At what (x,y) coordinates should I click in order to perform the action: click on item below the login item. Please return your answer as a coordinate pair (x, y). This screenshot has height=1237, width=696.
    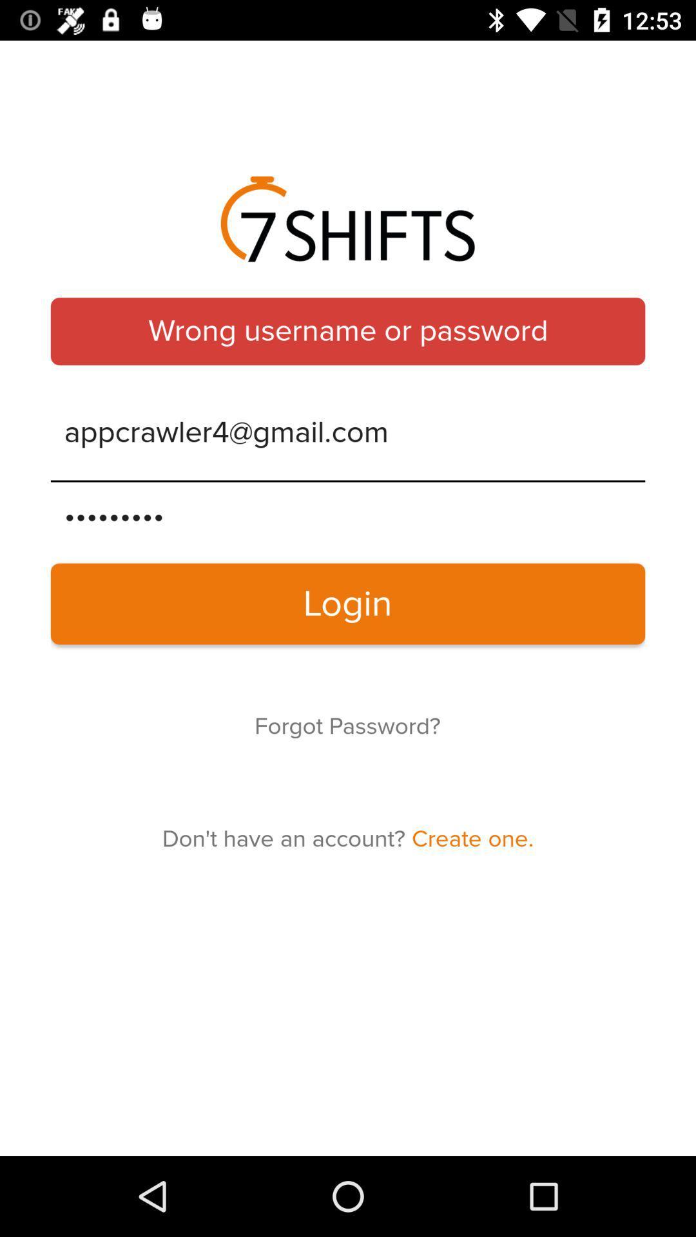
    Looking at the image, I should click on (347, 727).